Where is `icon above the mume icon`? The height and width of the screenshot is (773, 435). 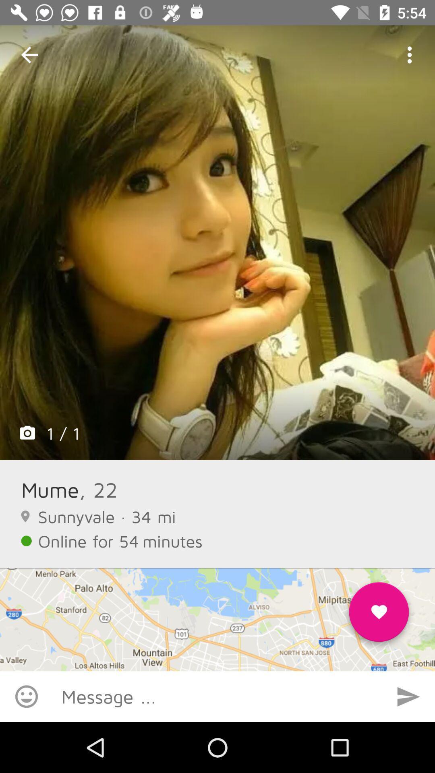
icon above the mume icon is located at coordinates (217, 242).